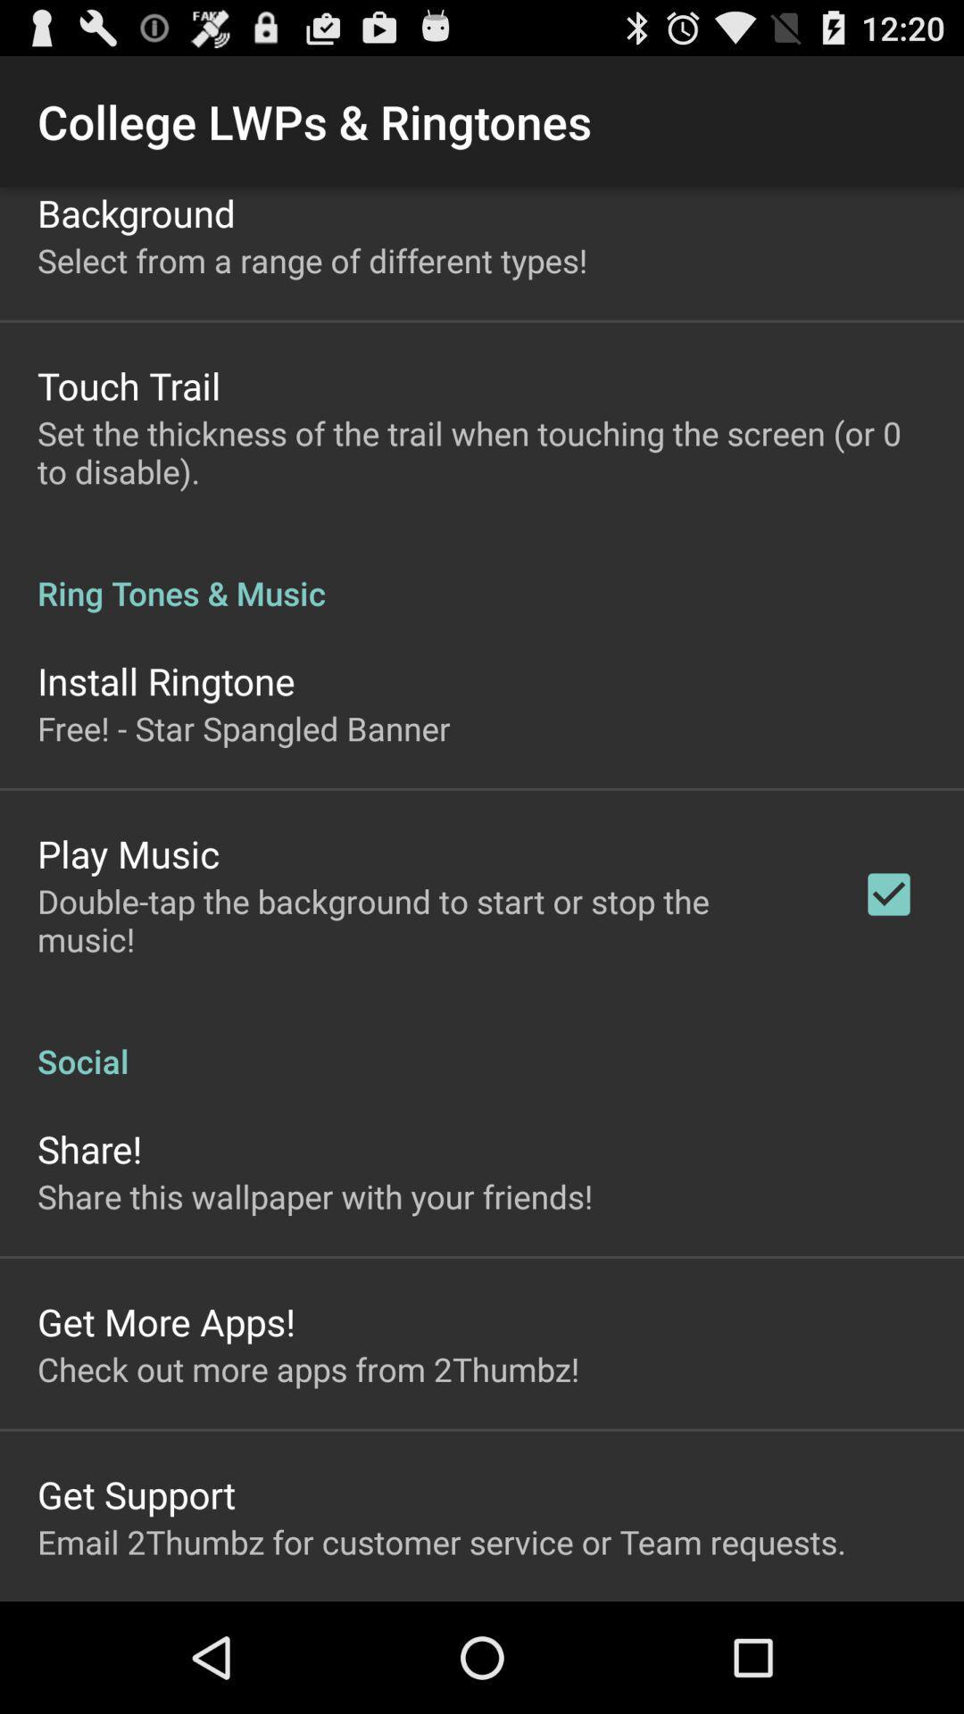 This screenshot has width=964, height=1714. Describe the element at coordinates (482, 1042) in the screenshot. I see `item above the share!` at that location.